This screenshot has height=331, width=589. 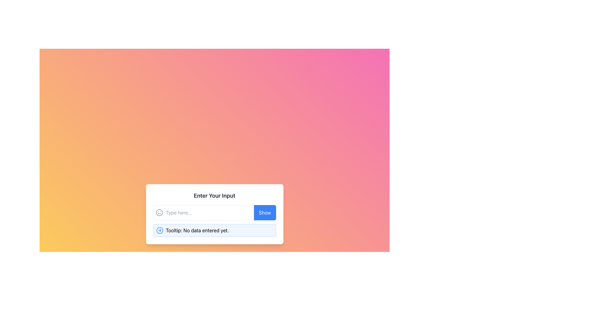 What do you see at coordinates (159, 212) in the screenshot?
I see `the circular SVG element that is part of a small decorative icon located to the left of the input text field labeled 'Type here...'` at bounding box center [159, 212].